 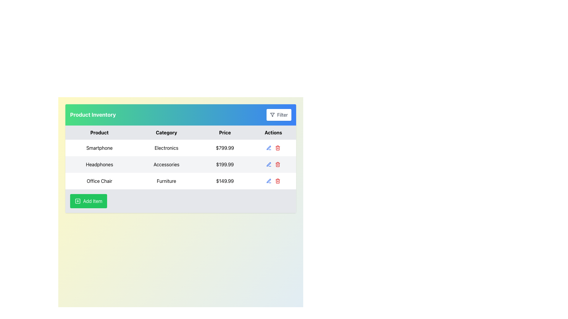 What do you see at coordinates (268, 180) in the screenshot?
I see `the edit icon in the 'Actions' column of the last row of the table` at bounding box center [268, 180].